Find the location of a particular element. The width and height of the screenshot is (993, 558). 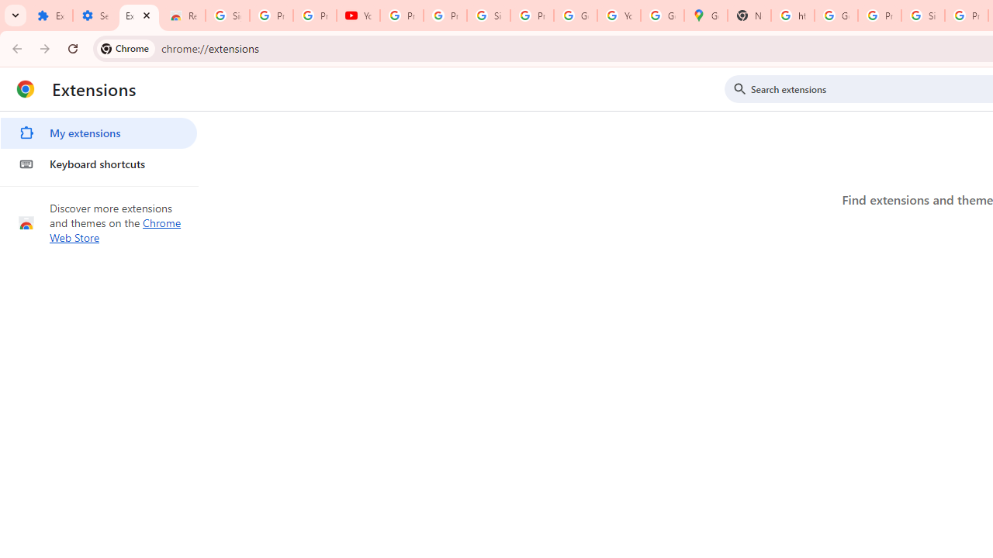

'New Tab' is located at coordinates (749, 15).